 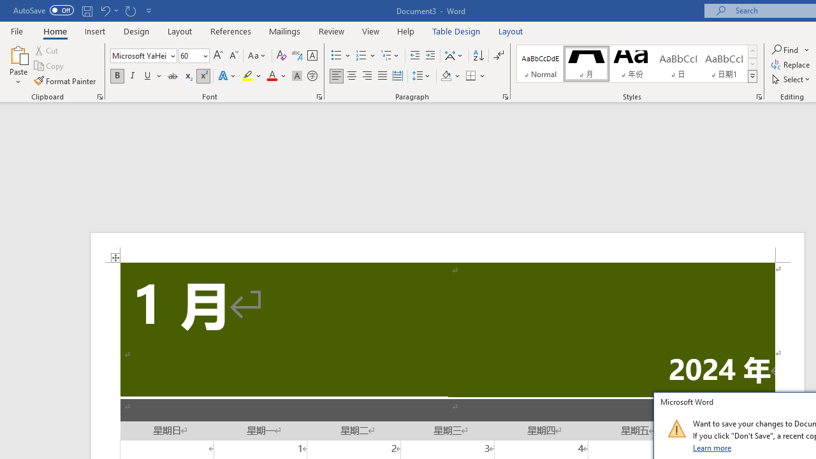 I want to click on 'Decrease Indent', so click(x=414, y=55).